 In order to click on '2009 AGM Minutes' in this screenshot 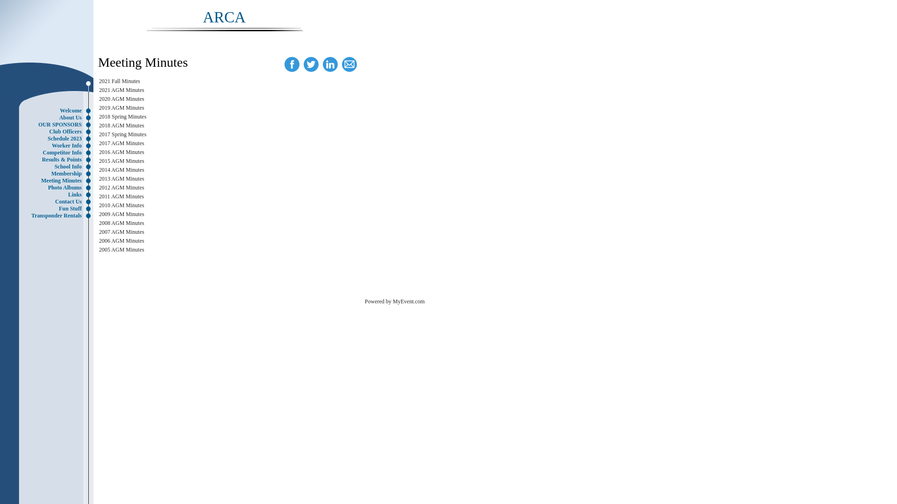, I will do `click(99, 214)`.